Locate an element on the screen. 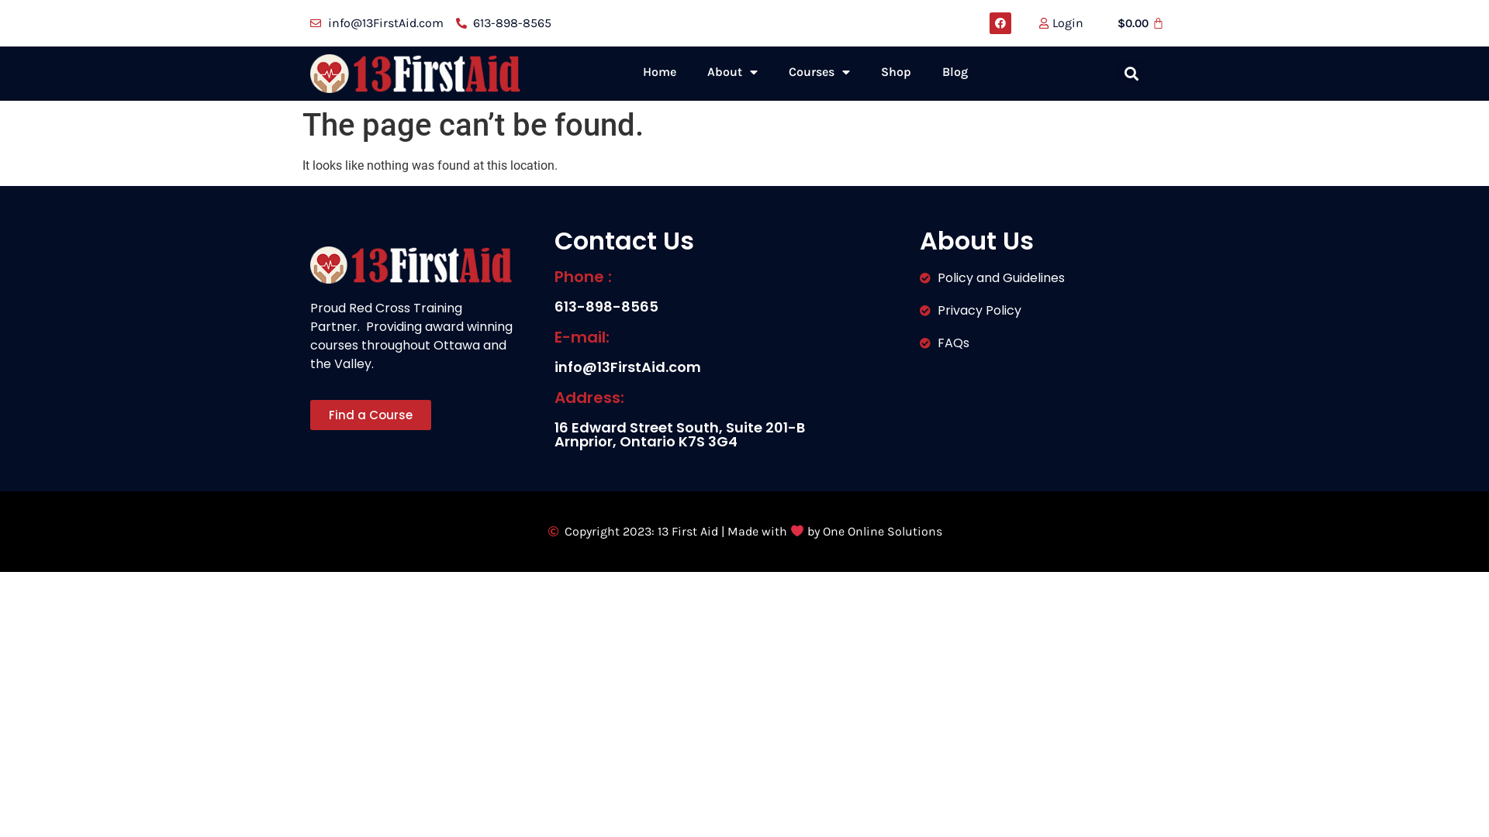  'info@13FirstAid.com' is located at coordinates (376, 23).